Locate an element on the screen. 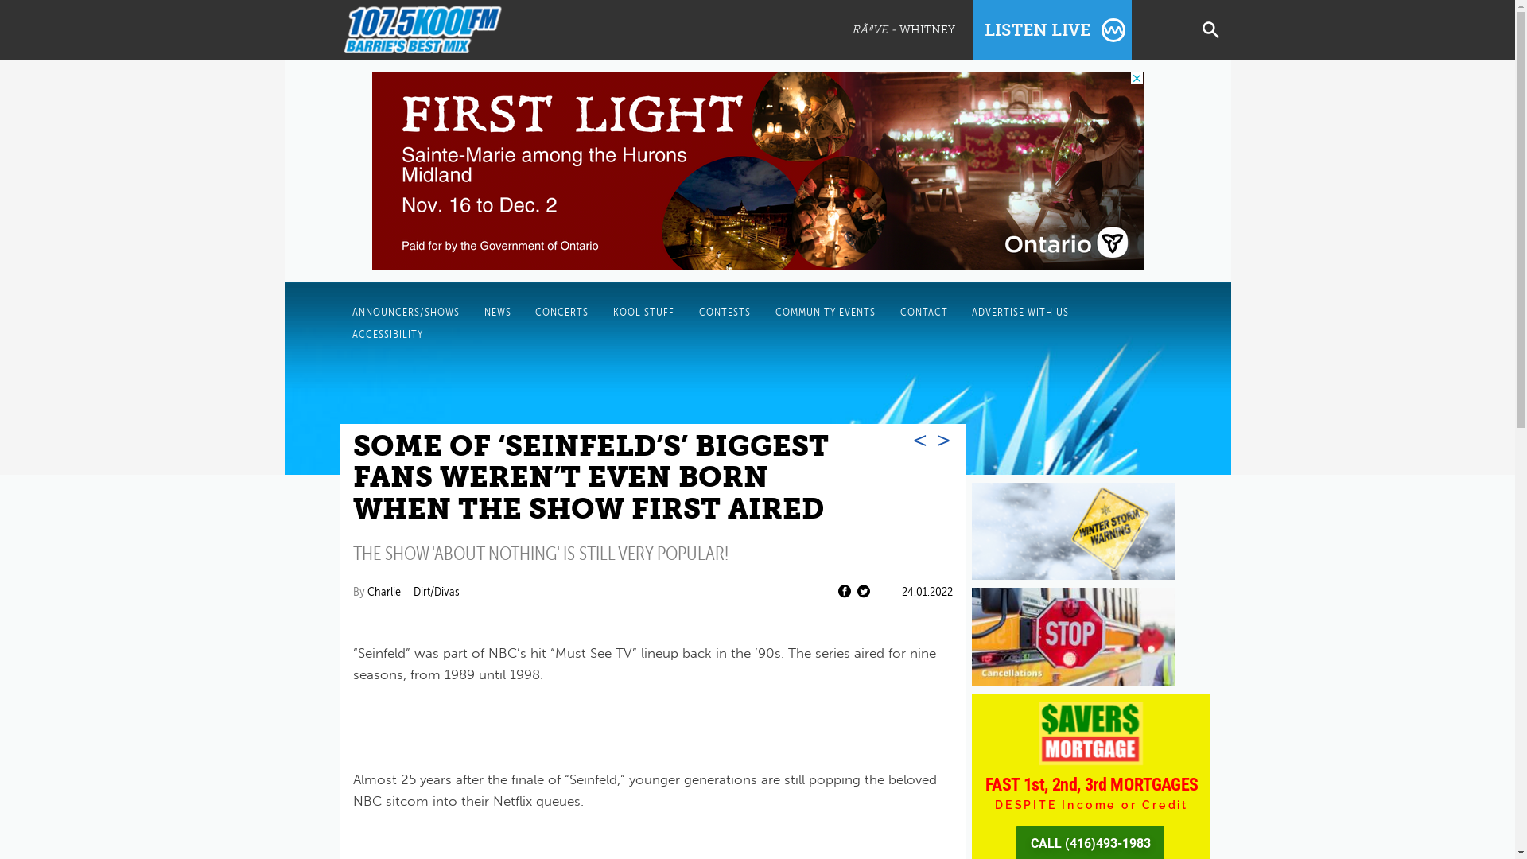 The image size is (1527, 859). 'KOOL STUFF' is located at coordinates (643, 313).